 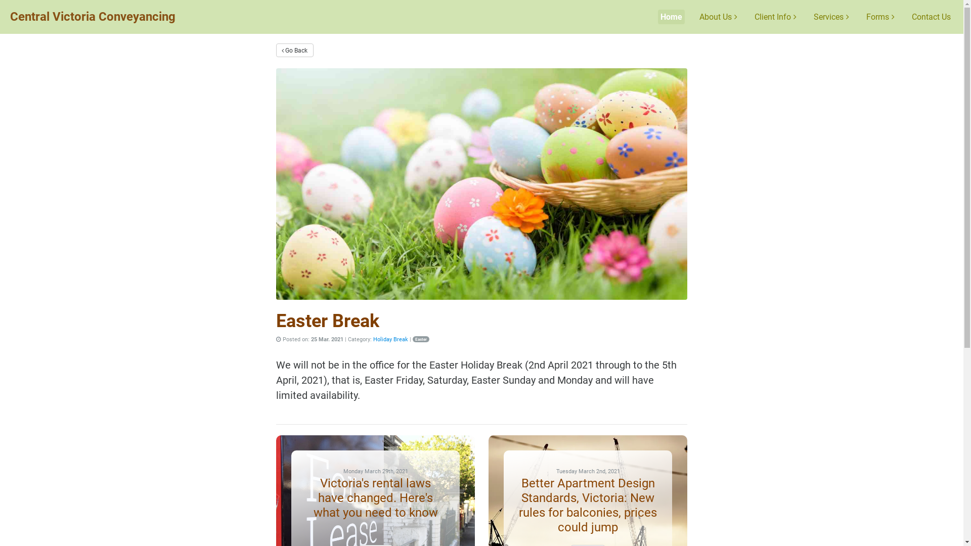 What do you see at coordinates (831, 17) in the screenshot?
I see `'Services'` at bounding box center [831, 17].